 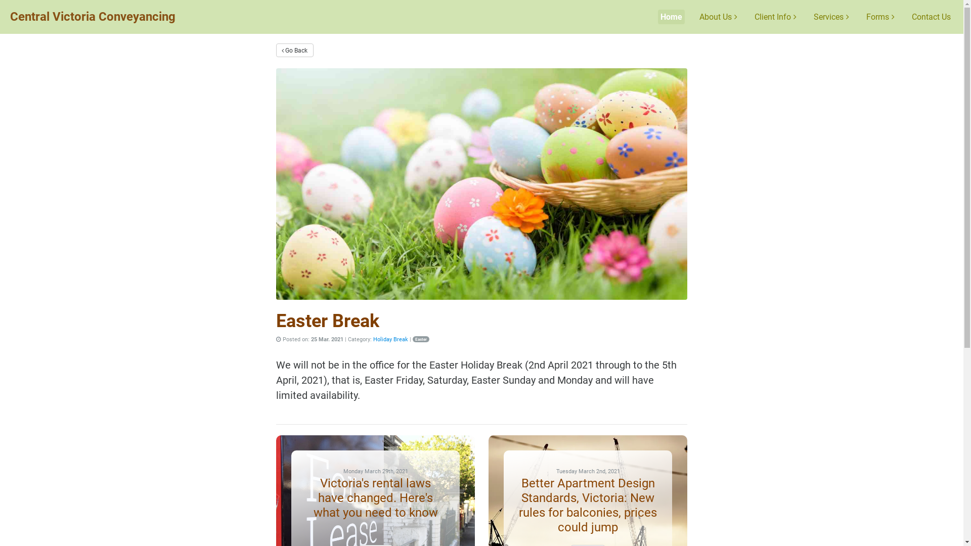 What do you see at coordinates (831, 17) in the screenshot?
I see `'Services'` at bounding box center [831, 17].